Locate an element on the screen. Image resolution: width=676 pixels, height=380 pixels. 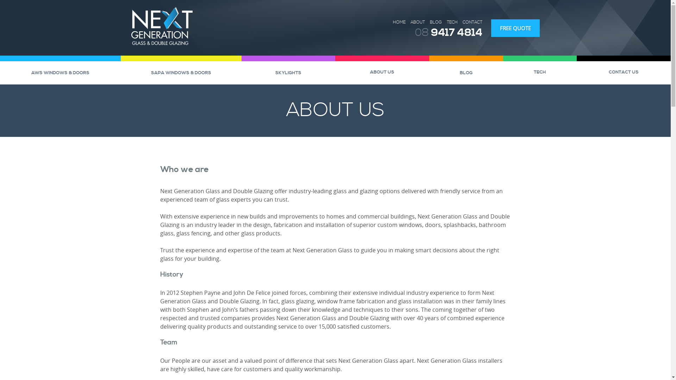
'FREE QUOTE' is located at coordinates (515, 28).